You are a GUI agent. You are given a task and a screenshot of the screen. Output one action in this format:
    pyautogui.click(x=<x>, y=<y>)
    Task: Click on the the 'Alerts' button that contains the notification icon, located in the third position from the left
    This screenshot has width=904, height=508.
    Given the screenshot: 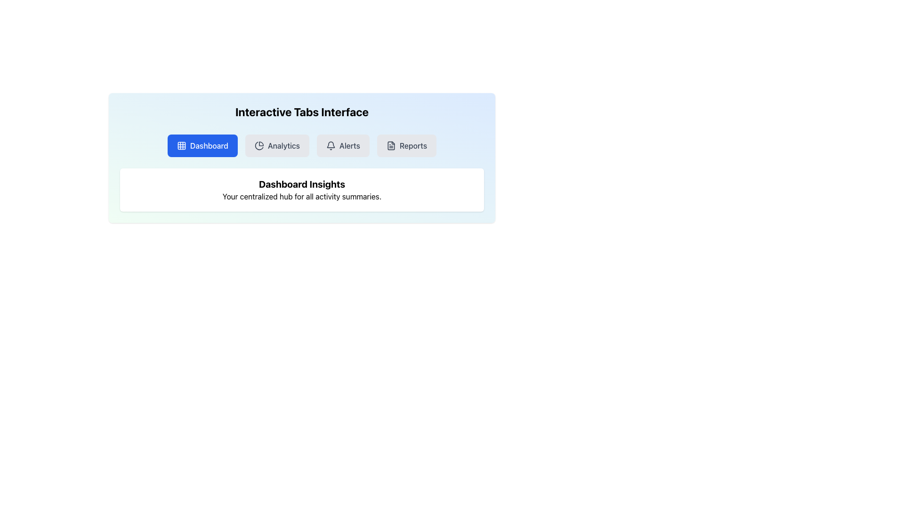 What is the action you would take?
    pyautogui.click(x=331, y=145)
    